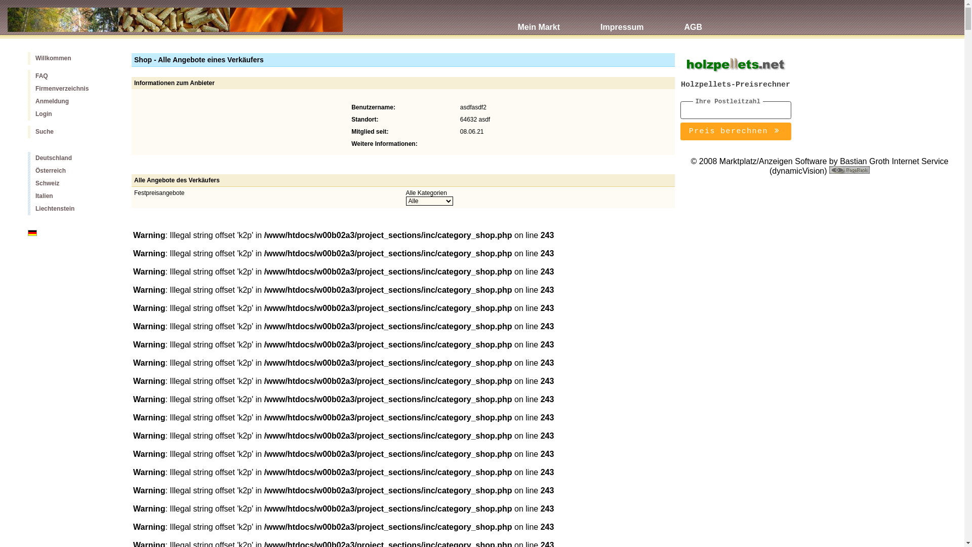  Describe the element at coordinates (27, 114) in the screenshot. I see `'Login'` at that location.